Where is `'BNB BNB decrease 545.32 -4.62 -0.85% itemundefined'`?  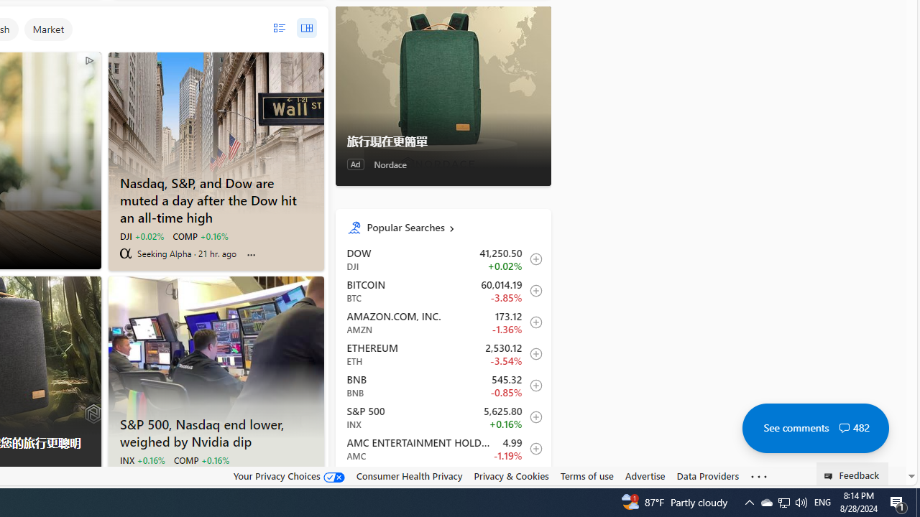
'BNB BNB decrease 545.32 -4.62 -0.85% itemundefined' is located at coordinates (442, 384).